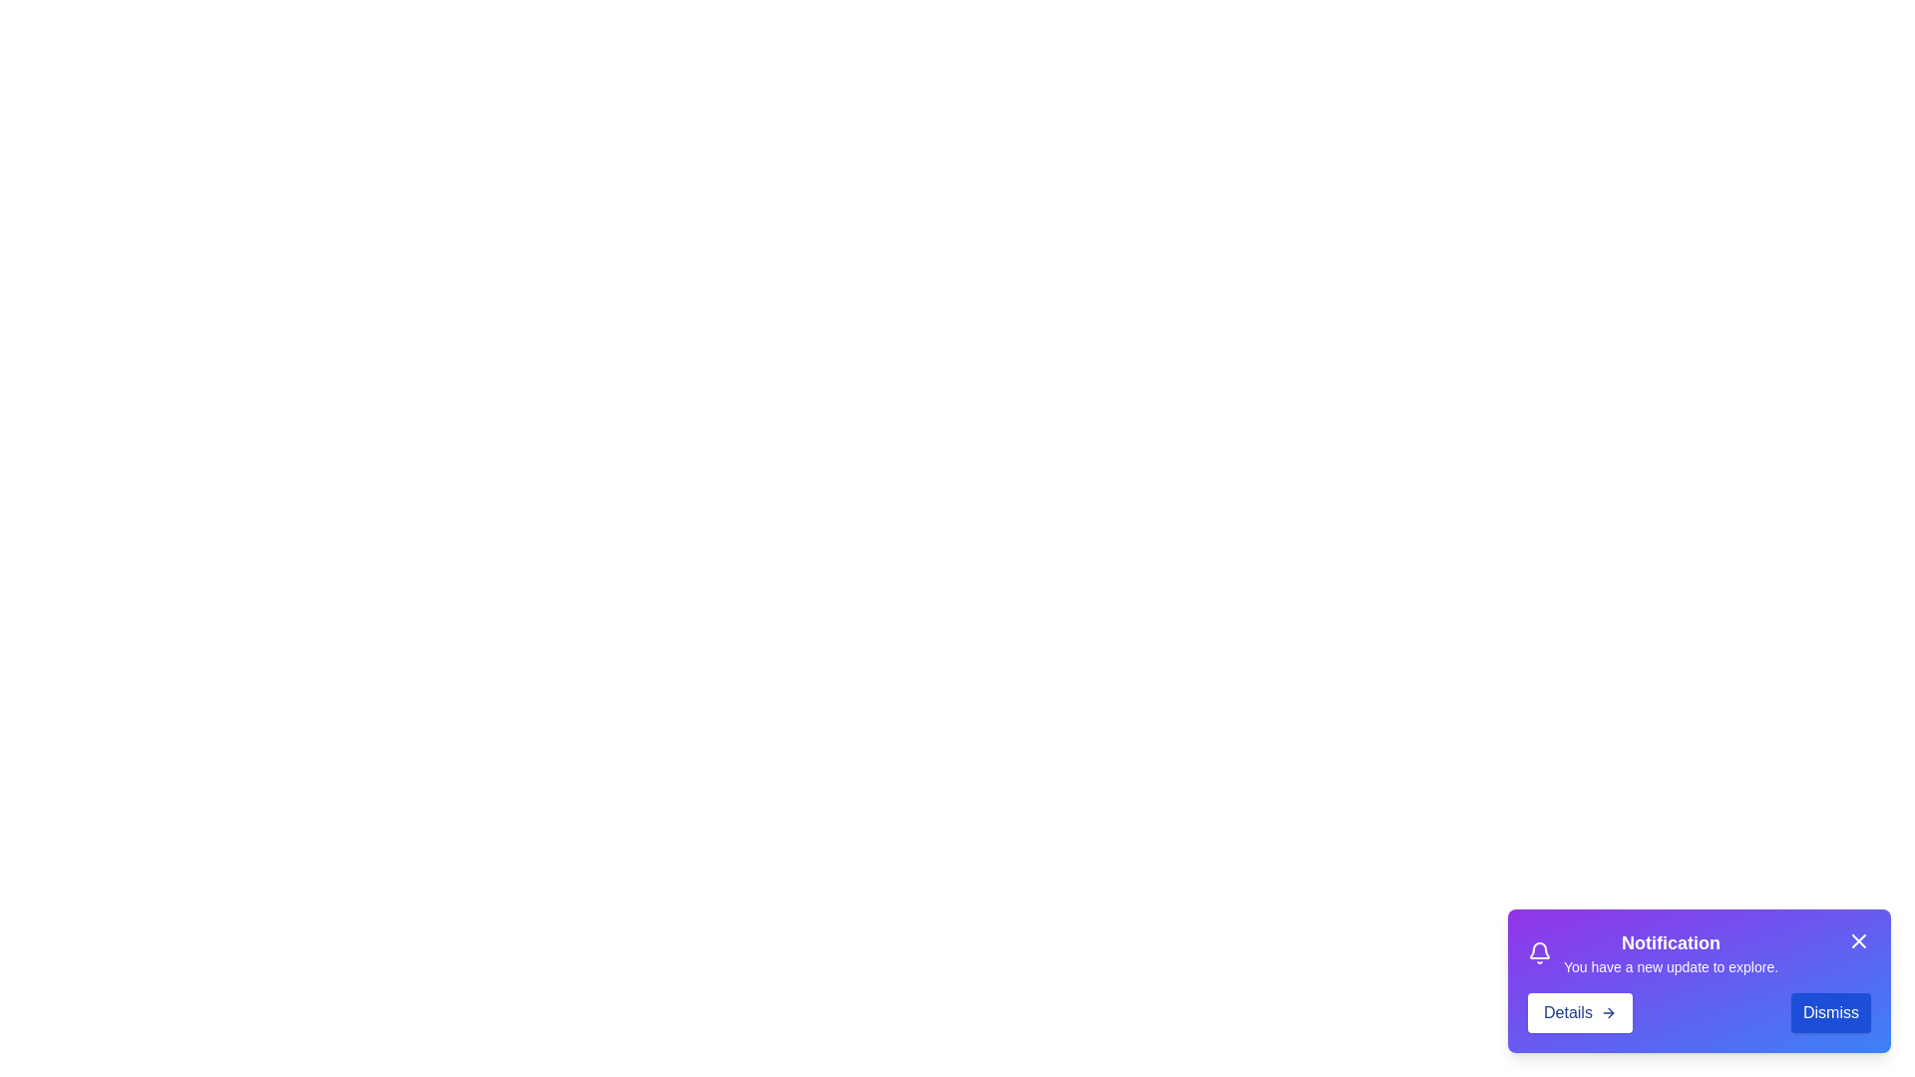  I want to click on the forward icon located at the far right of the 'Details' button within the notification card to indicate a continuation action, so click(1608, 1012).